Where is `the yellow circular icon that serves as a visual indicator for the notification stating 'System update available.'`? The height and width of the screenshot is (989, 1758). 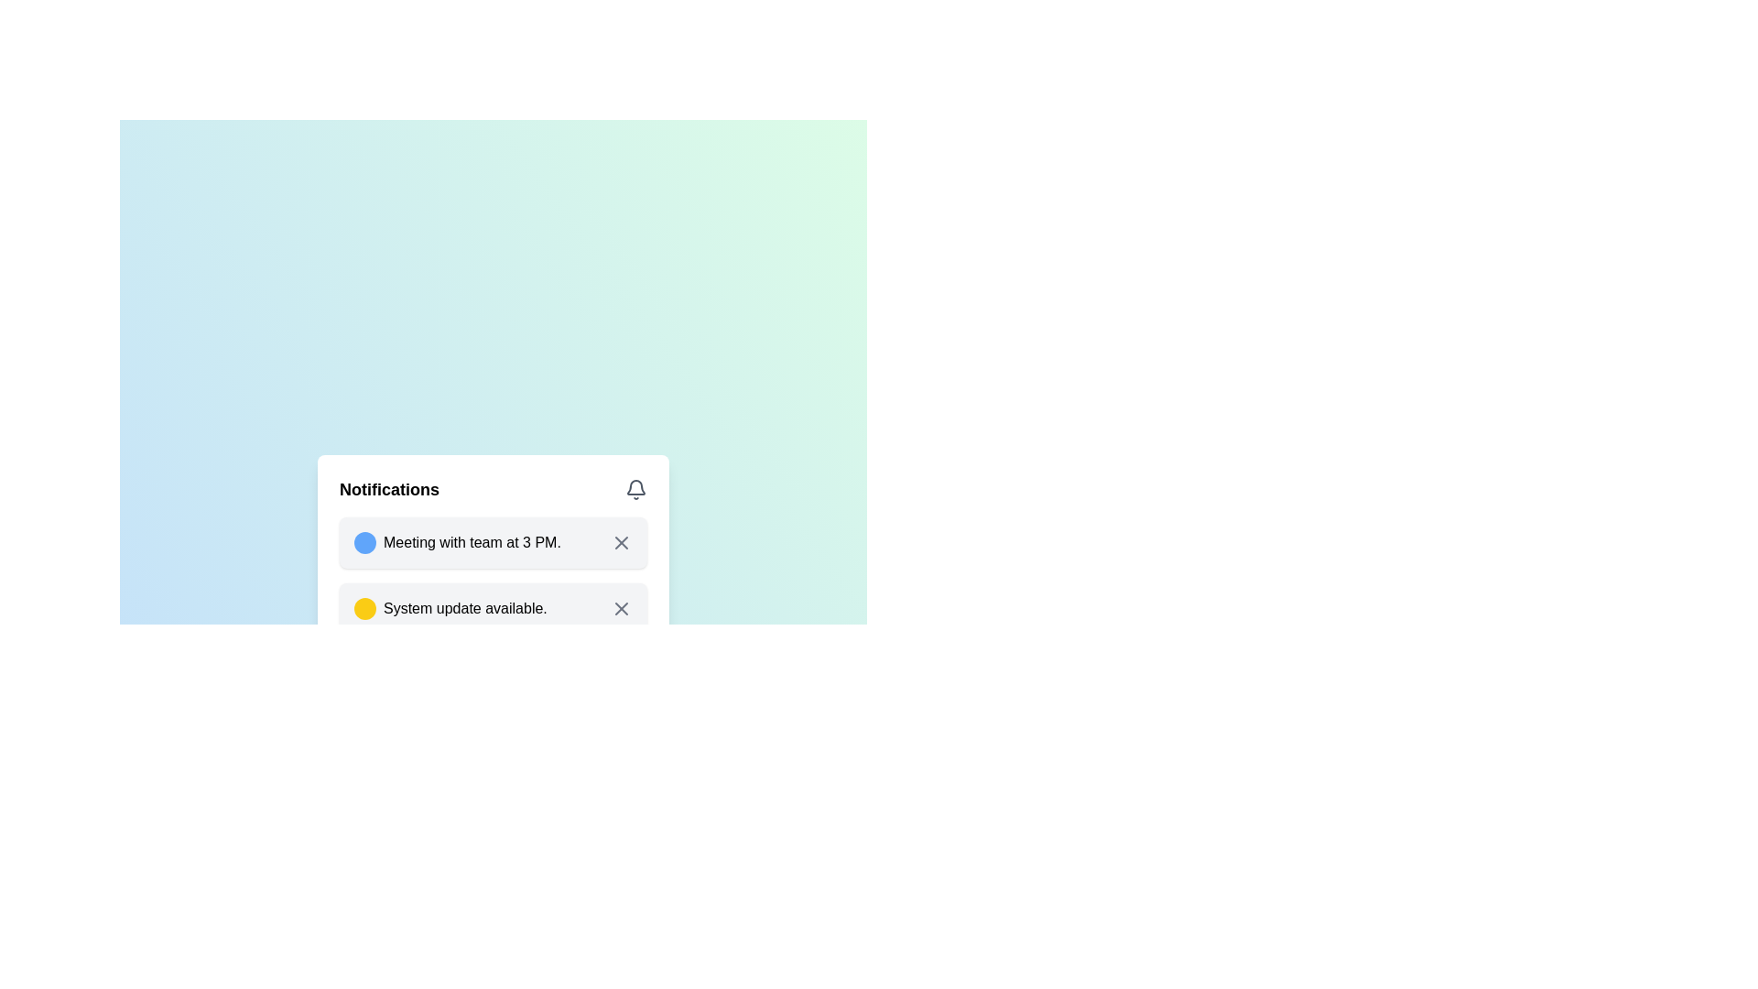
the yellow circular icon that serves as a visual indicator for the notification stating 'System update available.' is located at coordinates (364, 608).